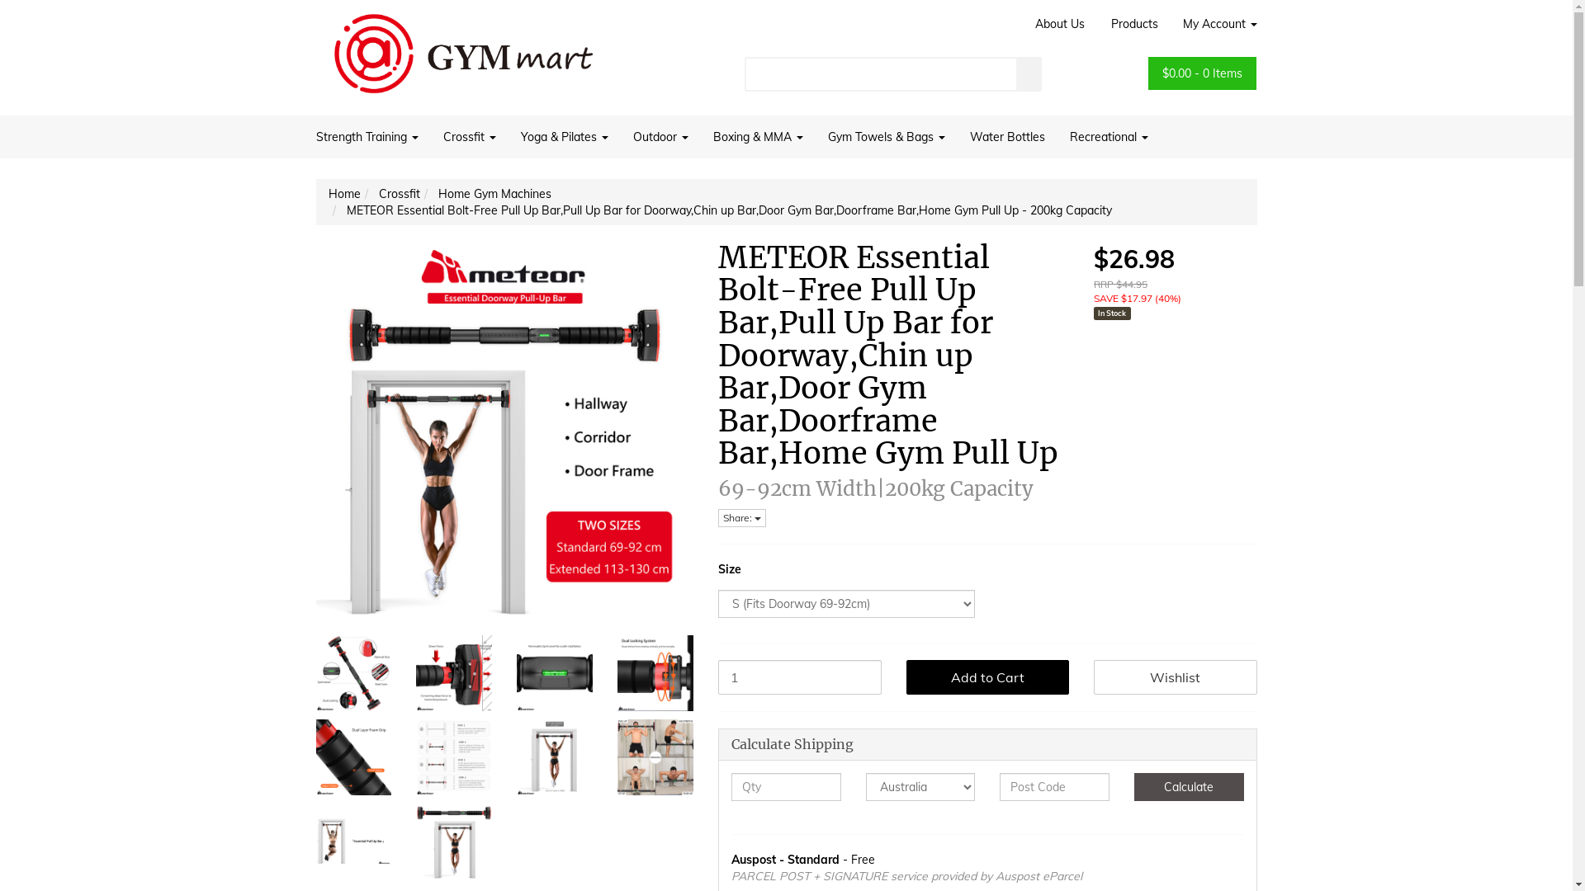  What do you see at coordinates (617, 757) in the screenshot?
I see `'Large View'` at bounding box center [617, 757].